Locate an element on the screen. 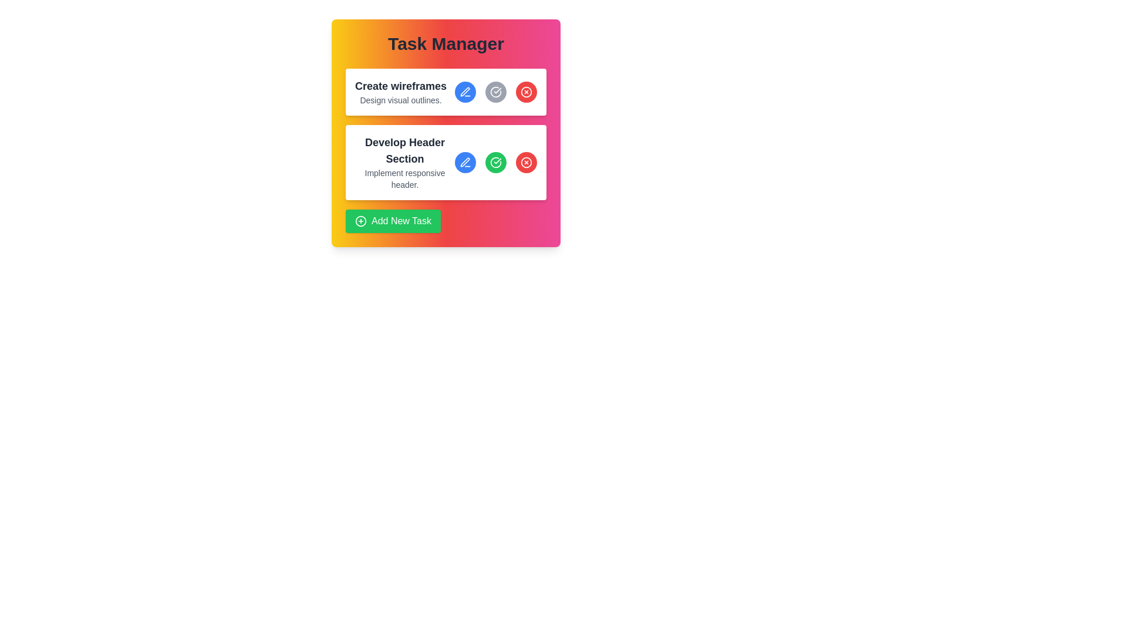 This screenshot has height=634, width=1127. the circular icon with a plus sign in its center, part of the 'Add New Task' button is located at coordinates (360, 221).